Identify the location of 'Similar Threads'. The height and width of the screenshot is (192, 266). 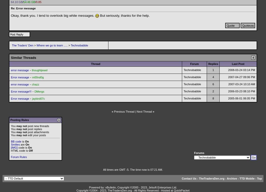
(11, 57).